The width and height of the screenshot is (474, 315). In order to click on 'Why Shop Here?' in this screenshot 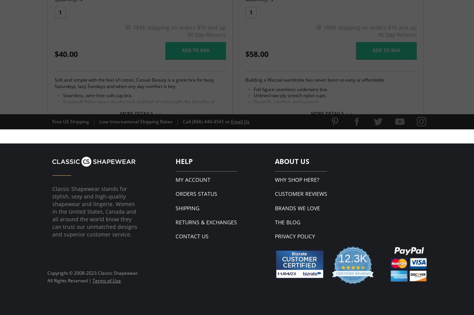, I will do `click(297, 179)`.